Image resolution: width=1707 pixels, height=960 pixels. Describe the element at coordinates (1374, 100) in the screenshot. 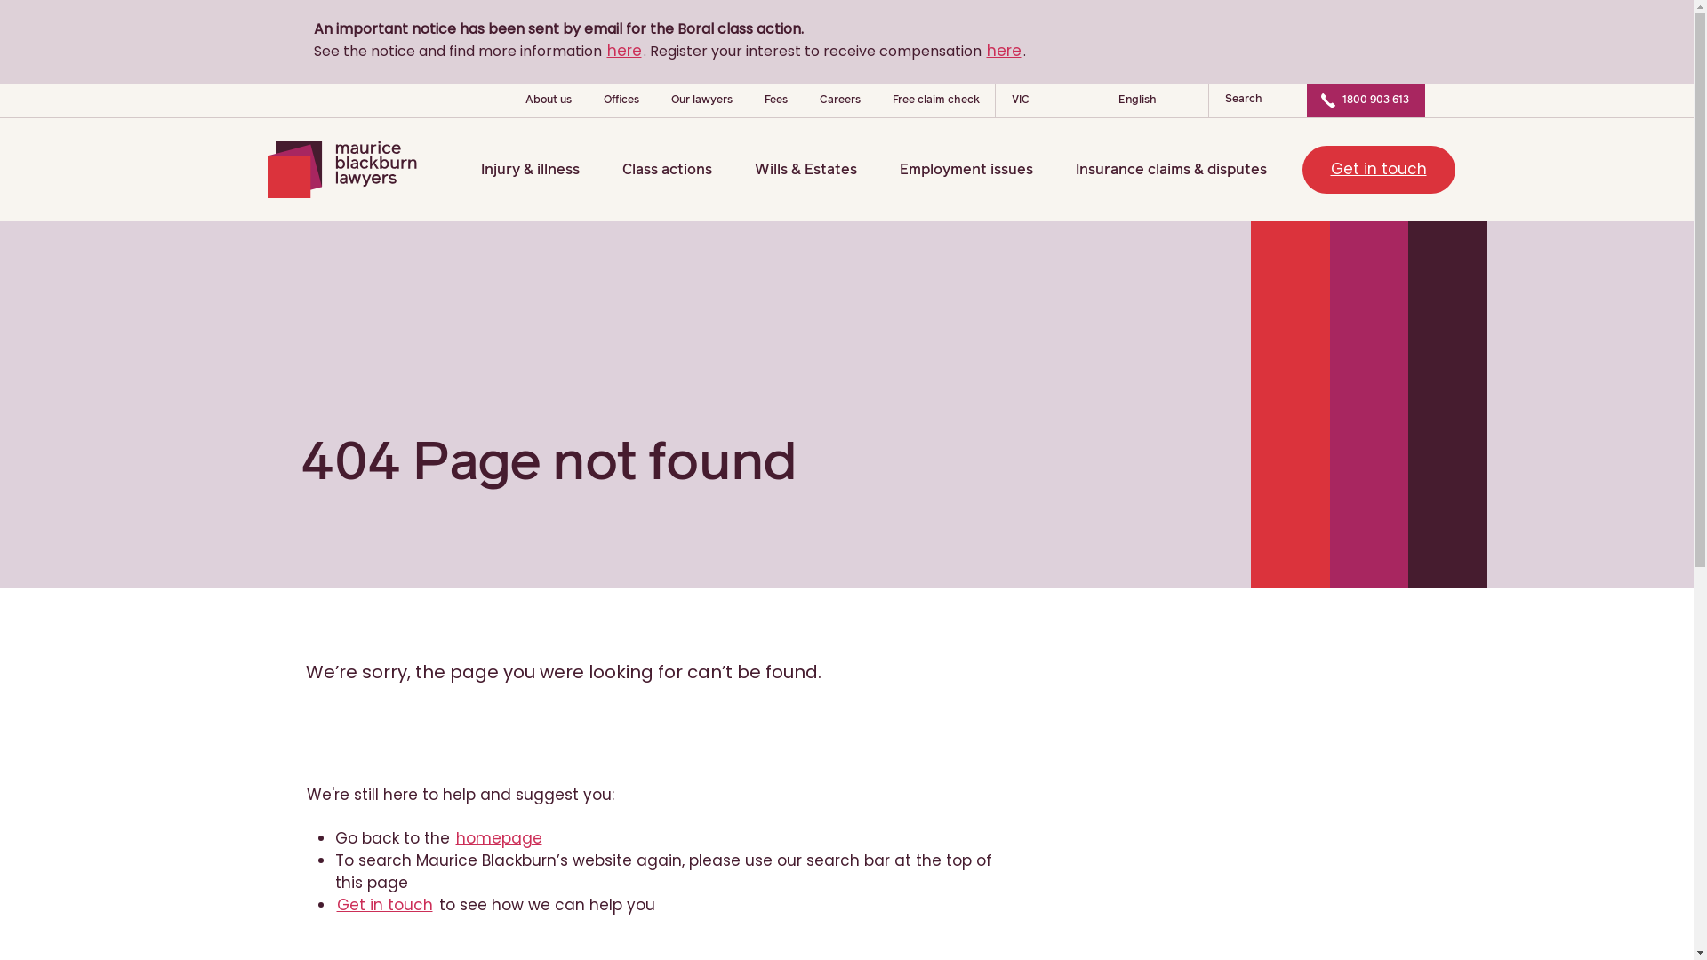

I see `'1800 903 613'` at that location.